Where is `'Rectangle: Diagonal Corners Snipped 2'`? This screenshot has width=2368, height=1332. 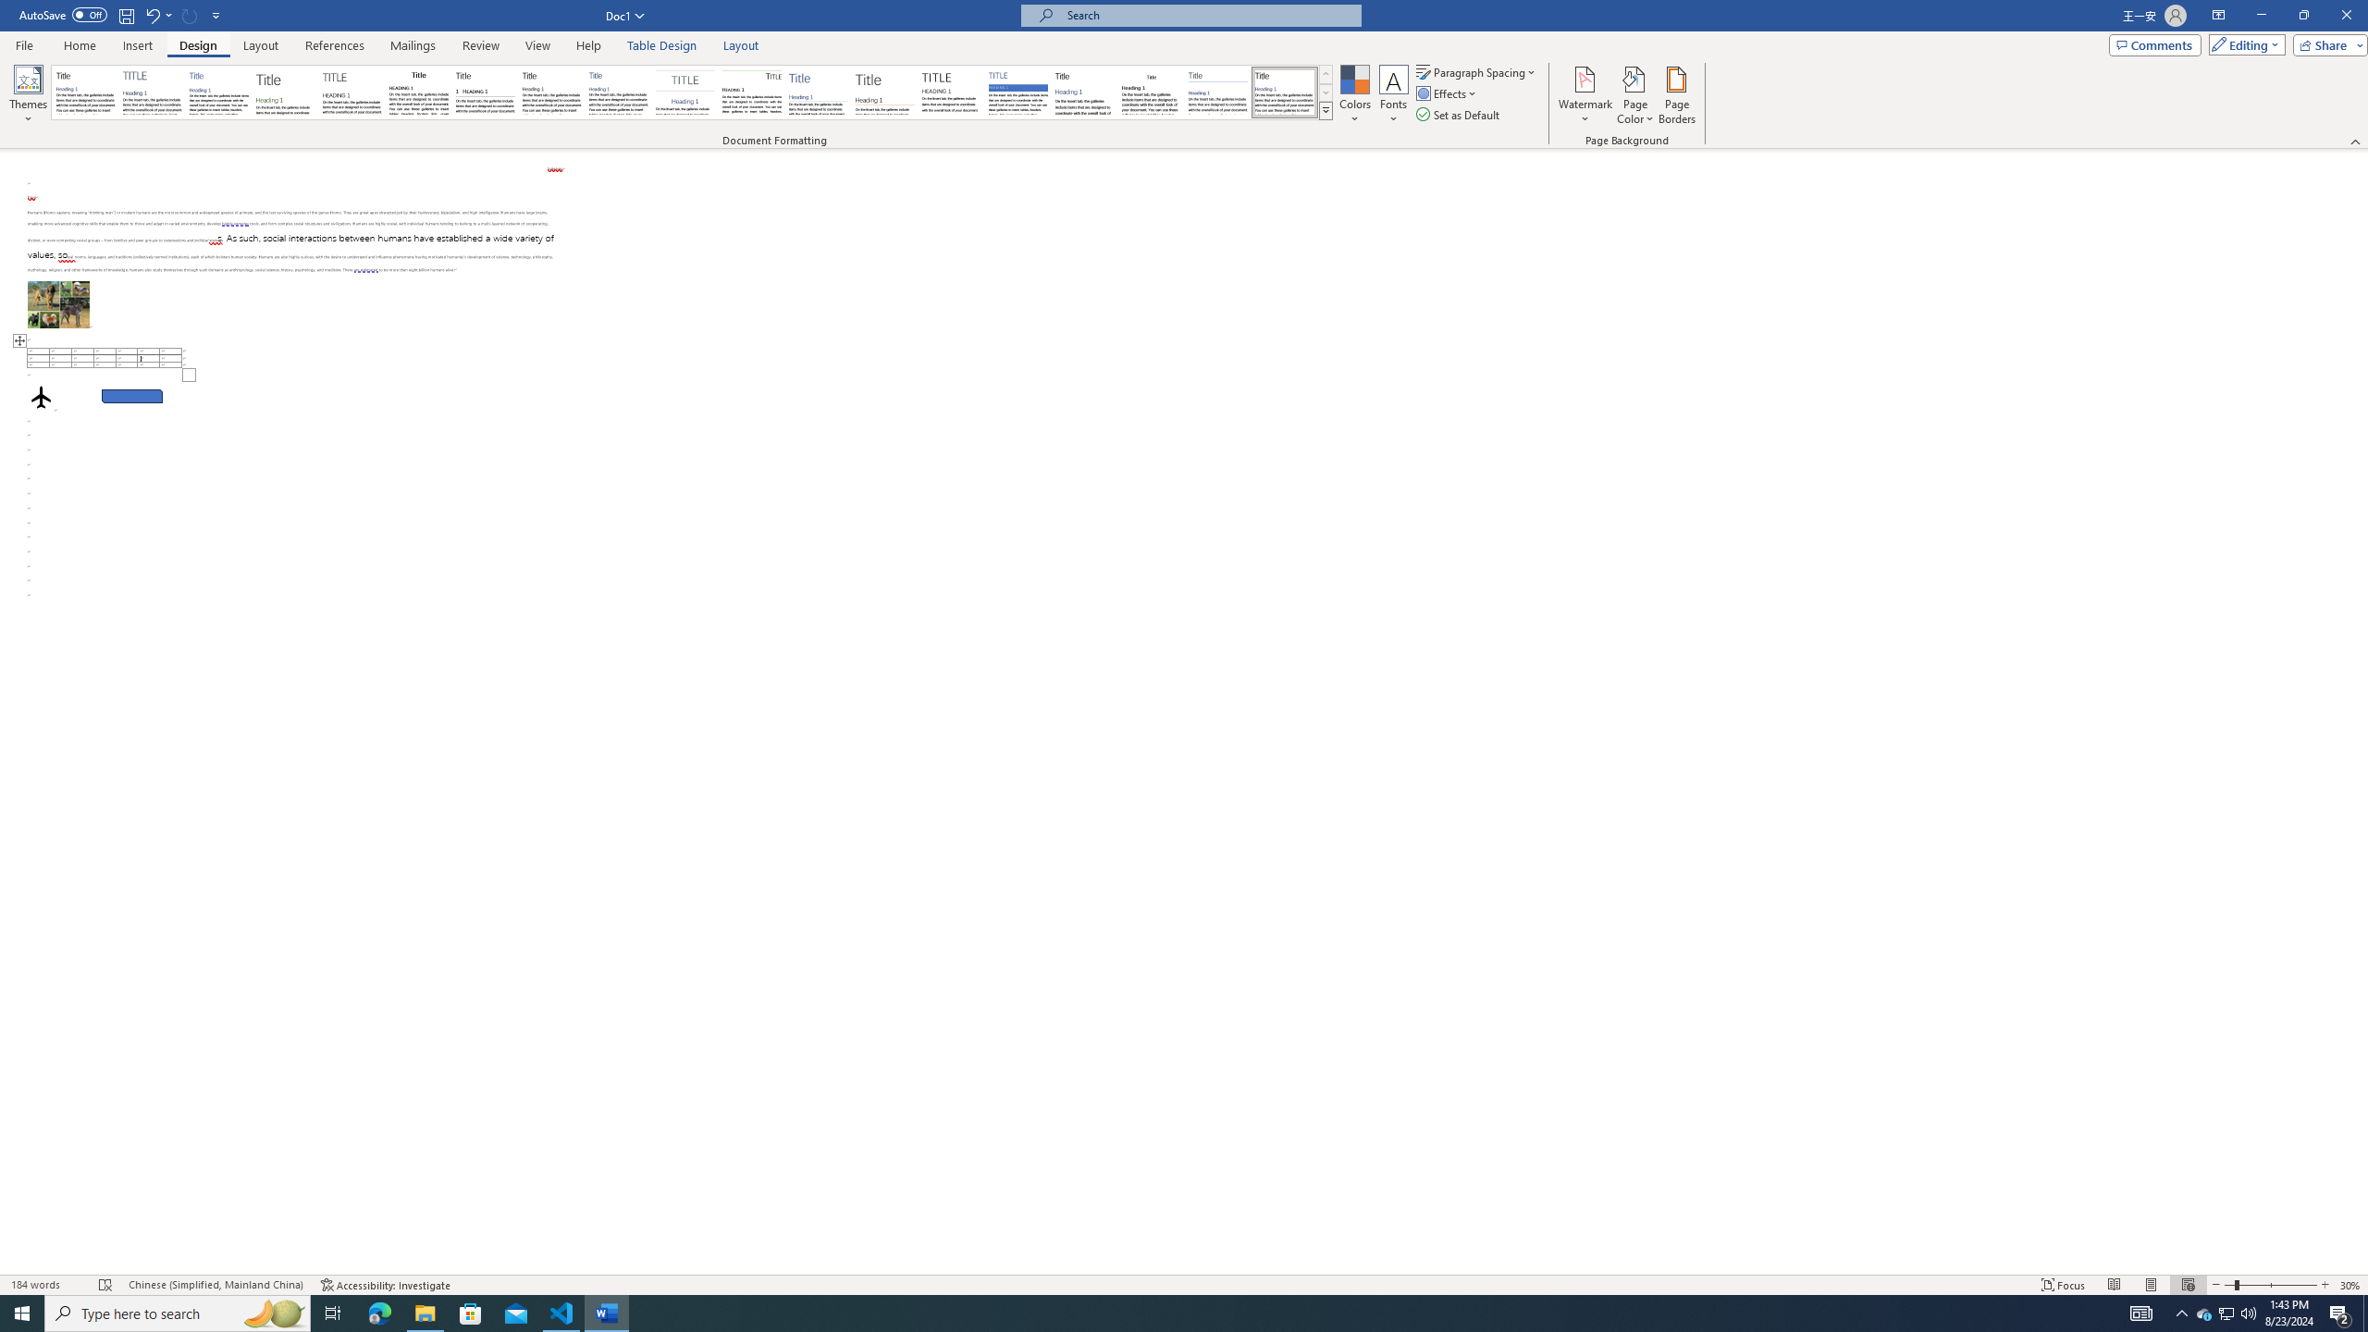
'Rectangle: Diagonal Corners Snipped 2' is located at coordinates (131, 396).